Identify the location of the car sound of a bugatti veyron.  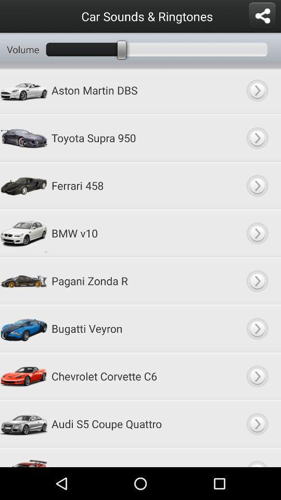
(257, 328).